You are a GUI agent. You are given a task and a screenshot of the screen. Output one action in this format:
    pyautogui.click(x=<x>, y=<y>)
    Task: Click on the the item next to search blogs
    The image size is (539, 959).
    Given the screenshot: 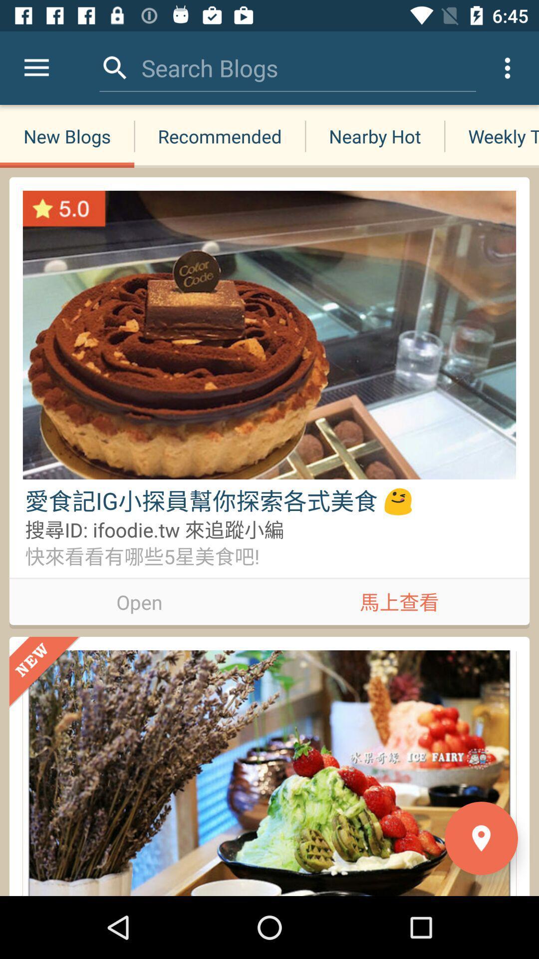 What is the action you would take?
    pyautogui.click(x=115, y=67)
    